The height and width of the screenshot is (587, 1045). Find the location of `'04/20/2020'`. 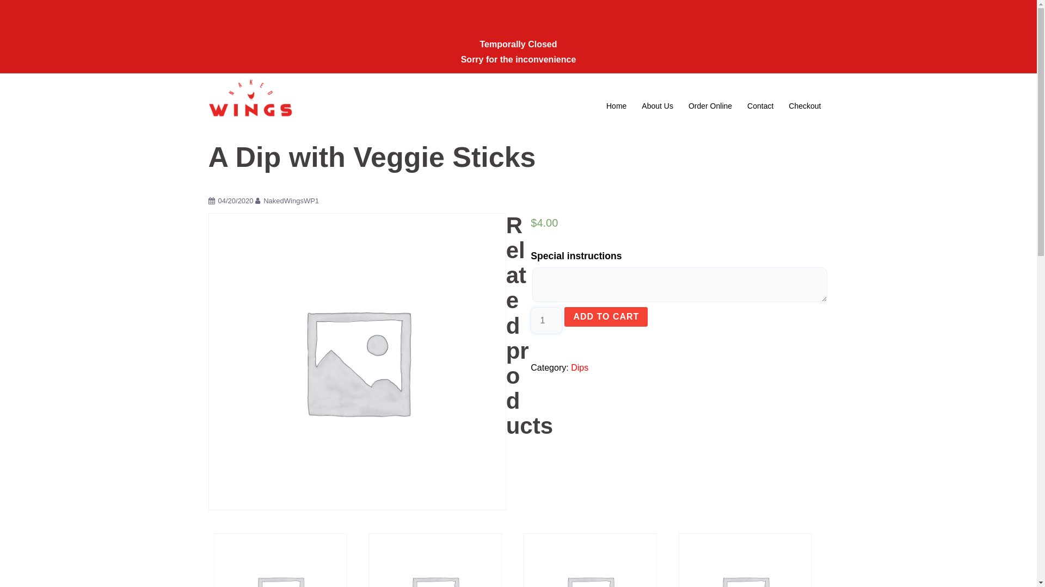

'04/20/2020' is located at coordinates (235, 201).